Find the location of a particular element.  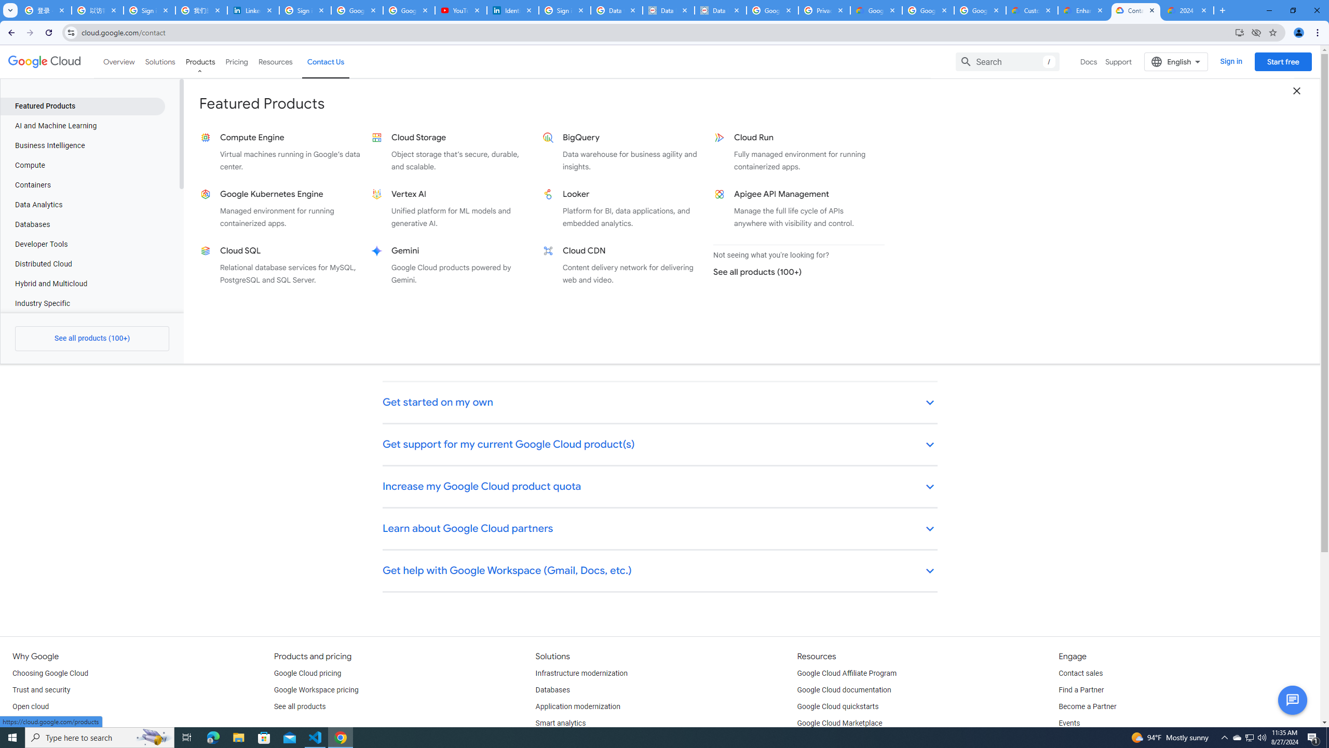

'Vertex AI Unified platform for ML models and generative AI.' is located at coordinates (452, 208).